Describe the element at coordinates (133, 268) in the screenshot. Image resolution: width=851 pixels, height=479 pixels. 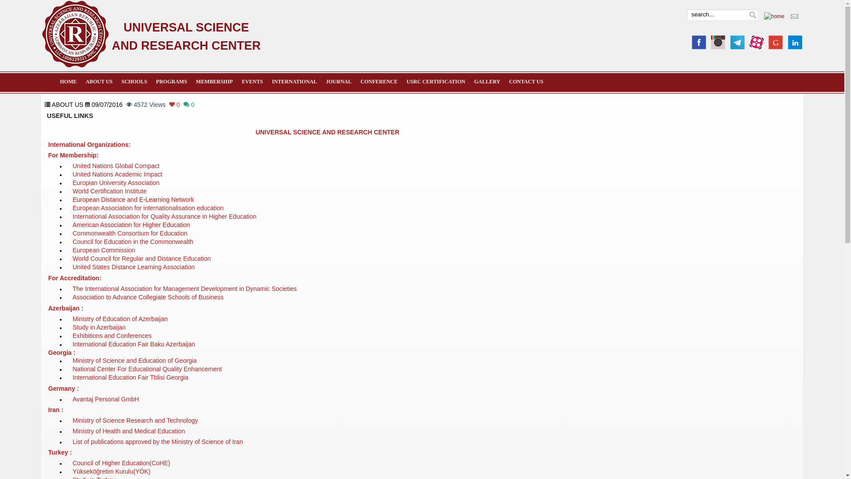
I see `'United States Distance Learning Association'` at that location.